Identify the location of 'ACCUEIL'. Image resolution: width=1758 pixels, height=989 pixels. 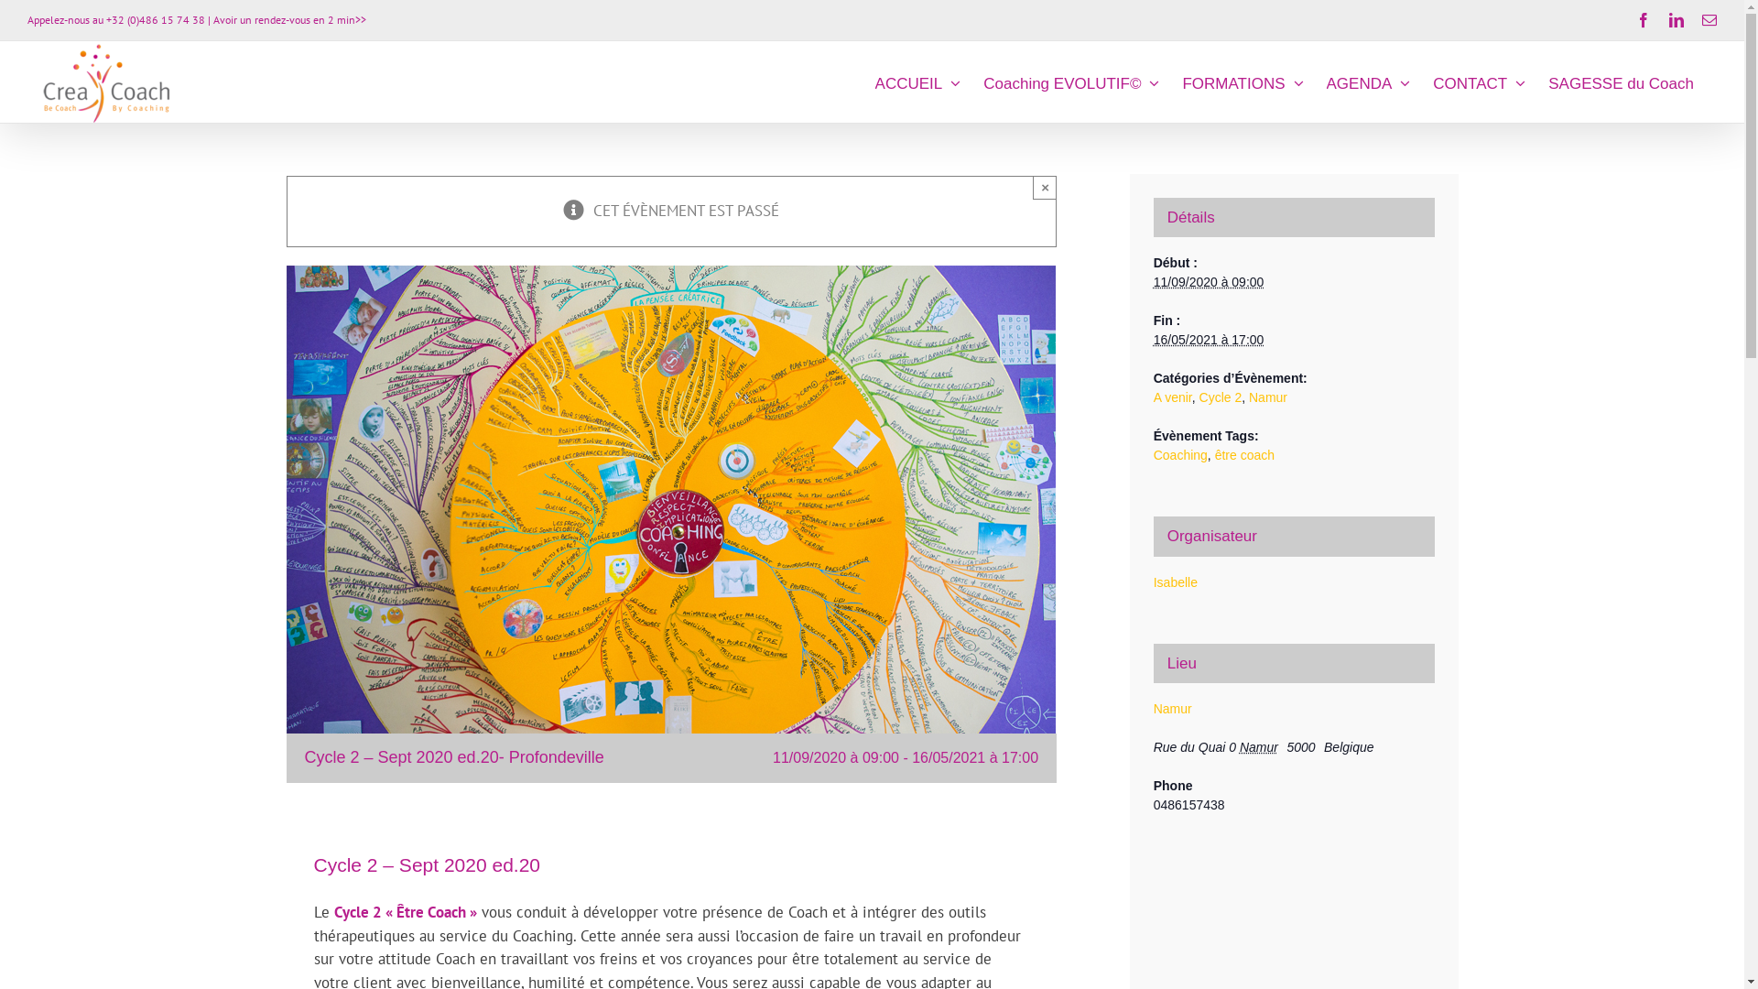
(918, 81).